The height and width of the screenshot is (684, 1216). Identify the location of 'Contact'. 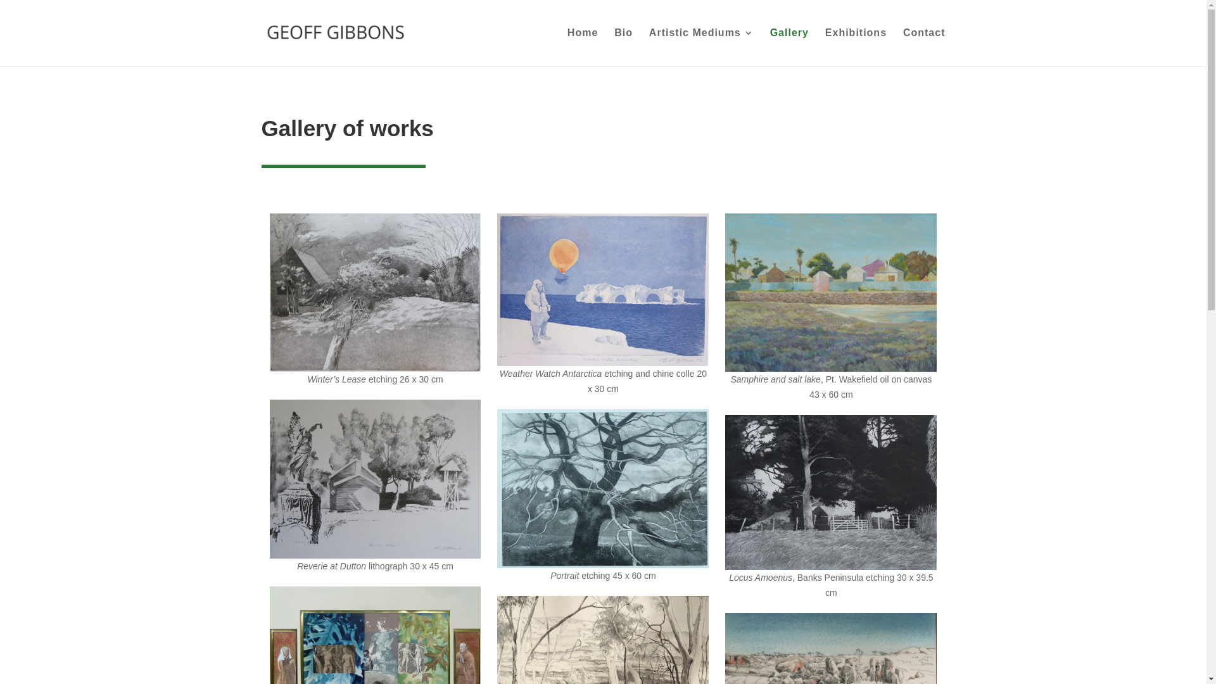
(924, 46).